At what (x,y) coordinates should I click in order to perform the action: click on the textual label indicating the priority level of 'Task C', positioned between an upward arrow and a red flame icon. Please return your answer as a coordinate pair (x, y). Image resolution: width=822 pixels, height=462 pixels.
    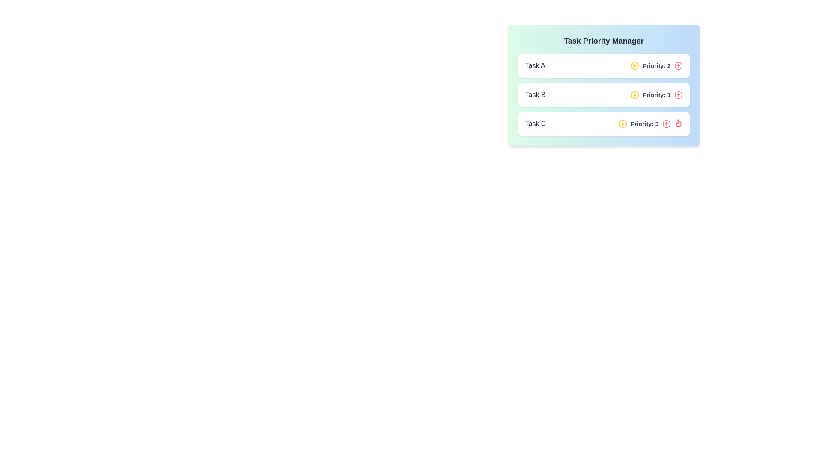
    Looking at the image, I should click on (644, 124).